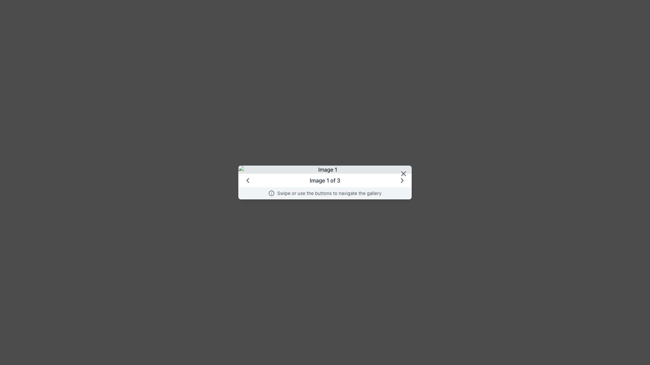 The image size is (650, 365). What do you see at coordinates (402, 180) in the screenshot?
I see `the chevron icon located on the far-right side of the dialog header, which serves as a navigational button to move rightwards in a gallery, menu, or list interface` at bounding box center [402, 180].